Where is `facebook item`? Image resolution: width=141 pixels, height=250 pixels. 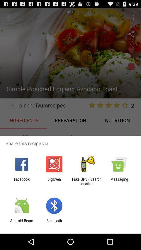 facebook item is located at coordinates (21, 181).